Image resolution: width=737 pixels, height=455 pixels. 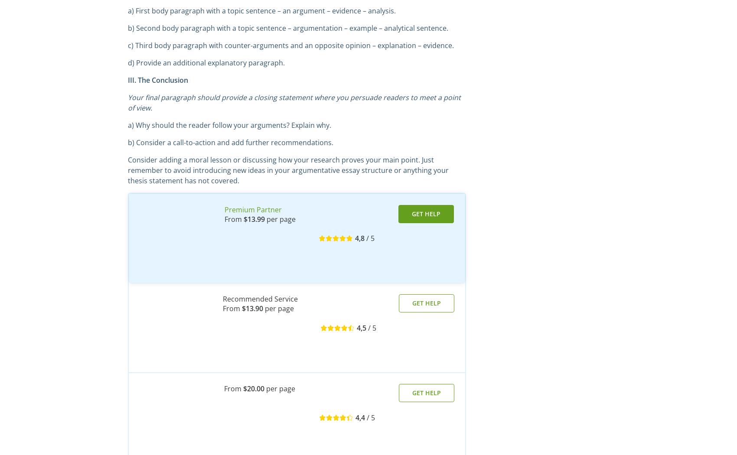 What do you see at coordinates (361, 328) in the screenshot?
I see `'4,5'` at bounding box center [361, 328].